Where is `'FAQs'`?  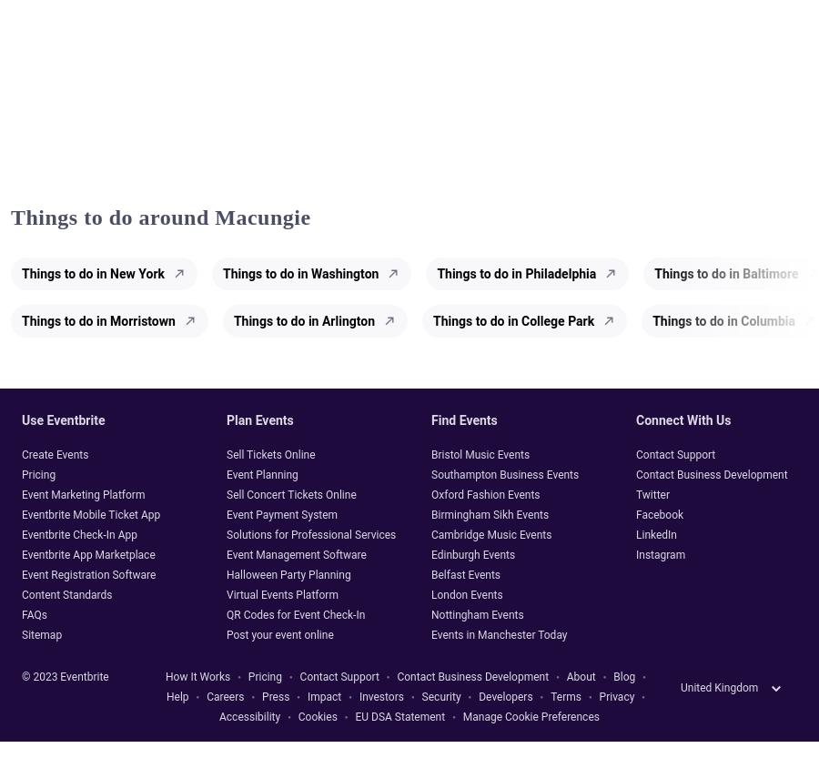 'FAQs' is located at coordinates (33, 612).